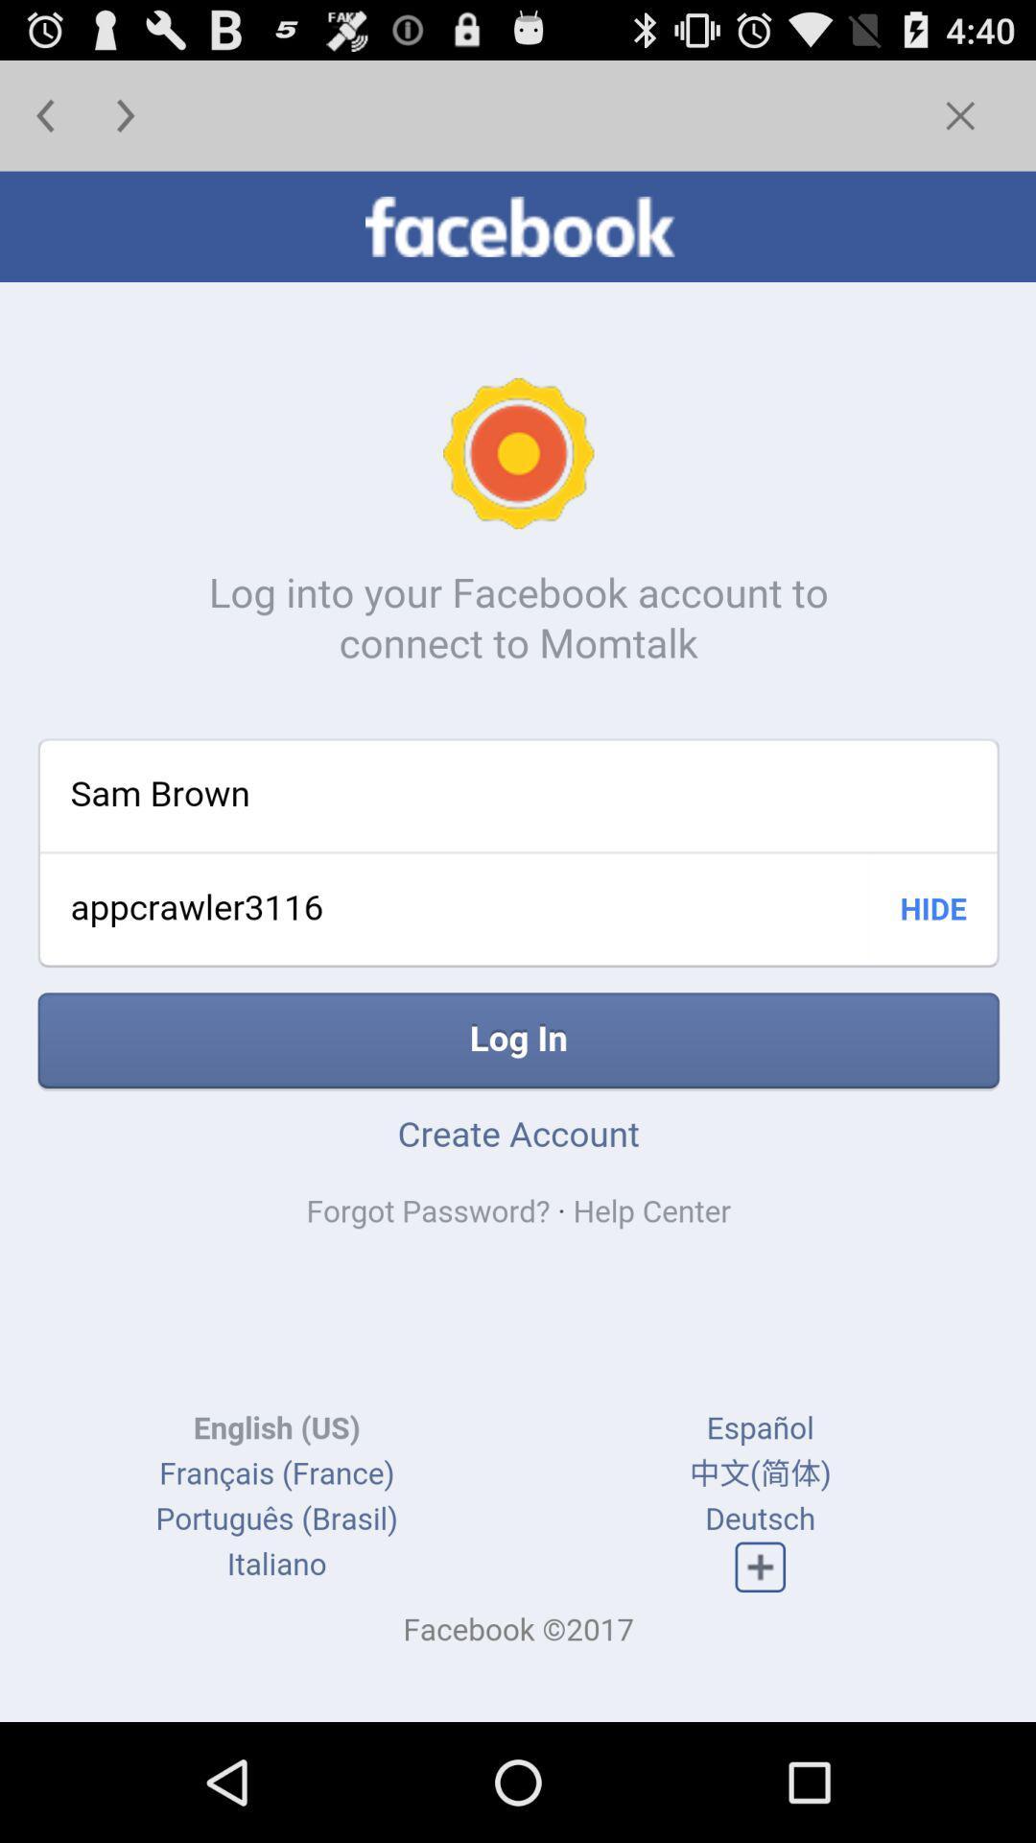 The width and height of the screenshot is (1036, 1843). I want to click on close, so click(960, 114).